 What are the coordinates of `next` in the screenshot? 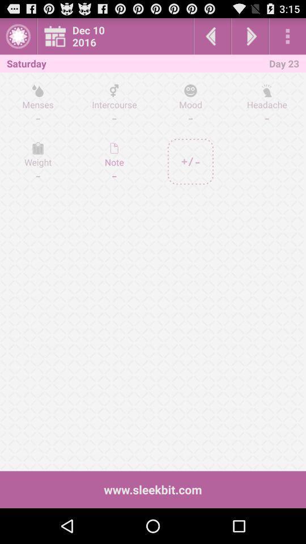 It's located at (250, 36).